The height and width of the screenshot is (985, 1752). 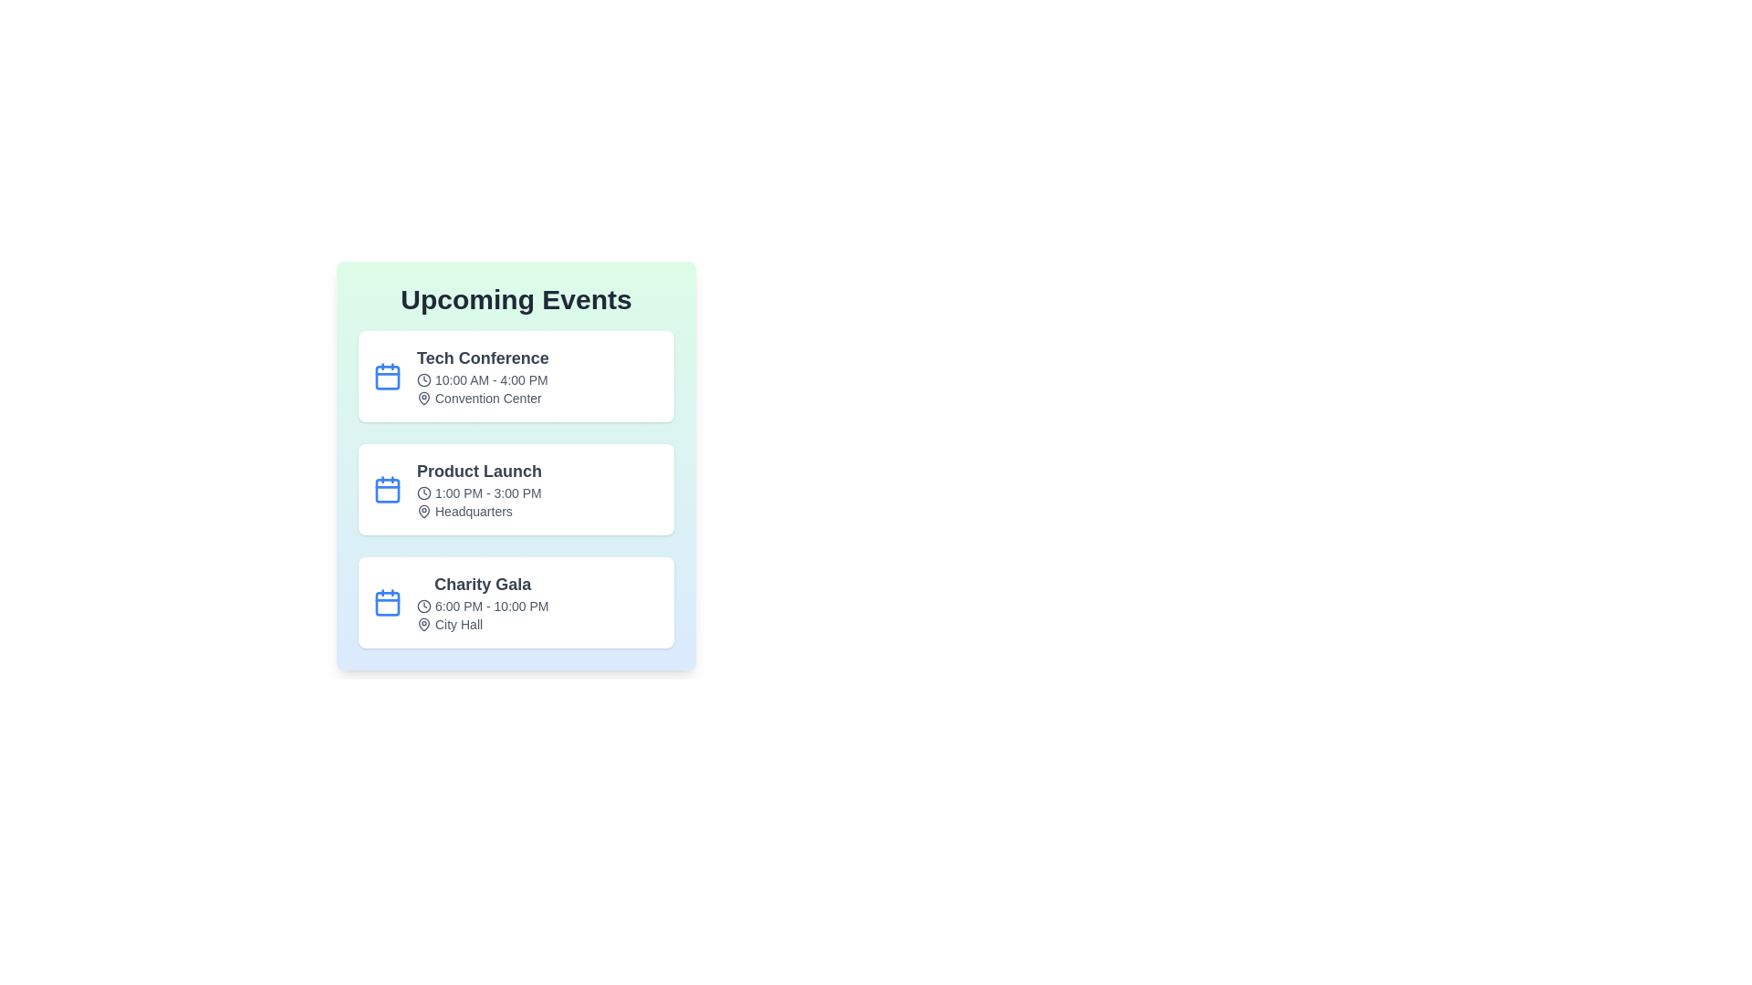 I want to click on the event icon for Charity Gala, so click(x=387, y=602).